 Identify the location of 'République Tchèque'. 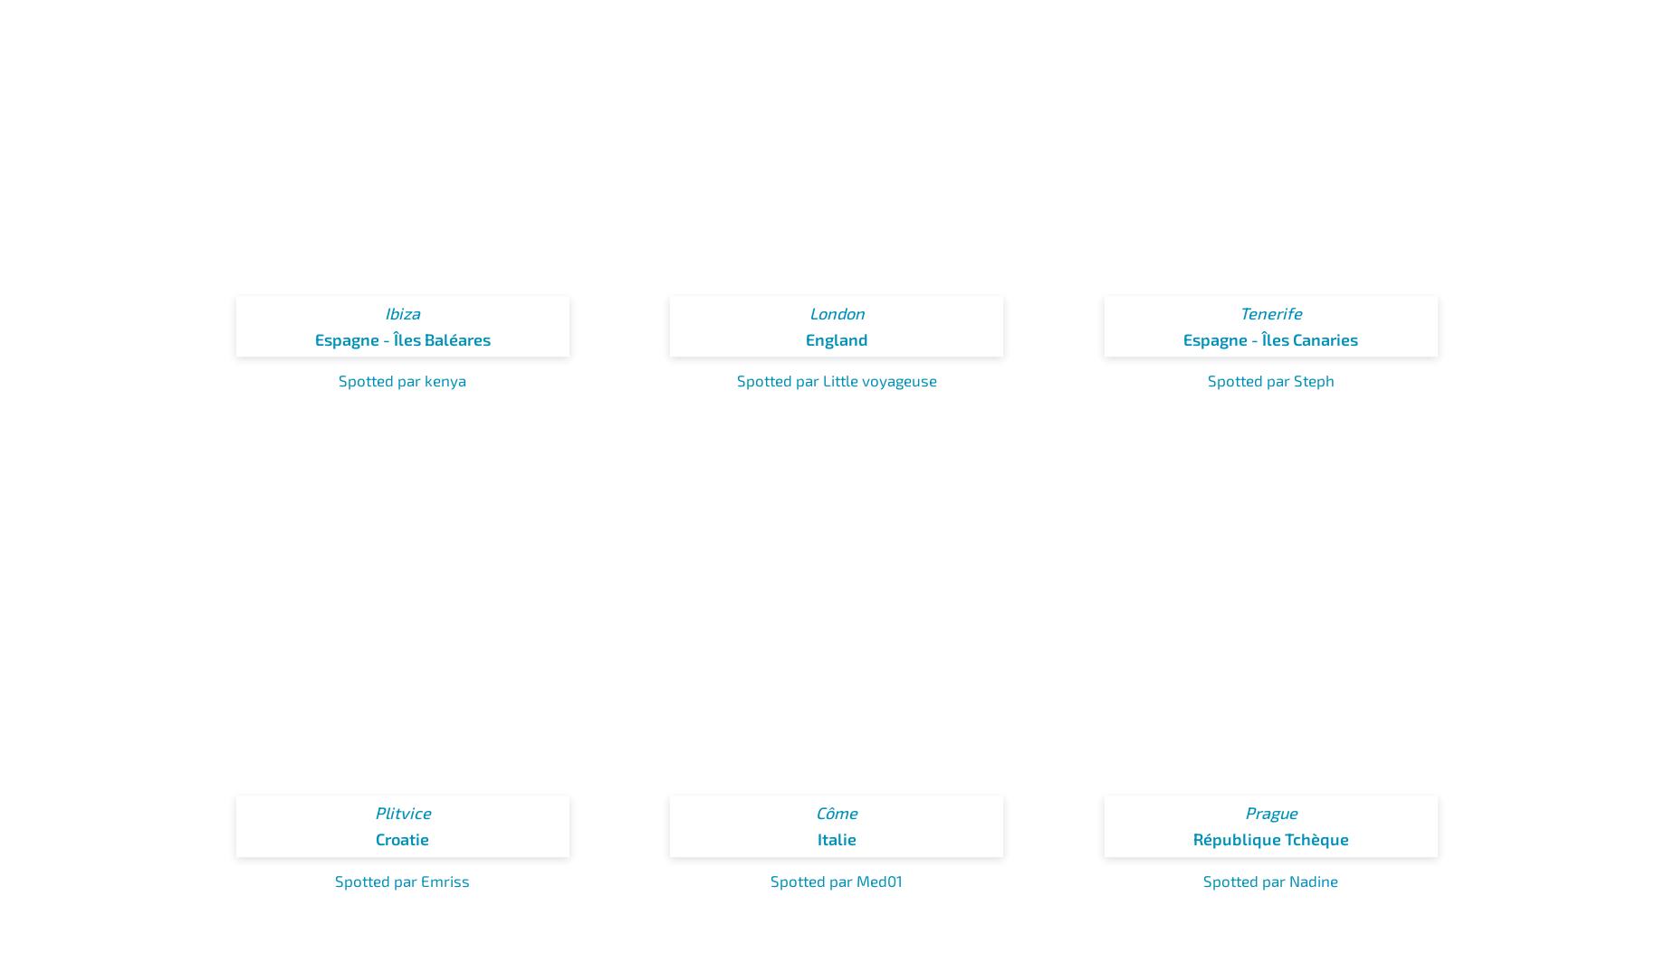
(1192, 838).